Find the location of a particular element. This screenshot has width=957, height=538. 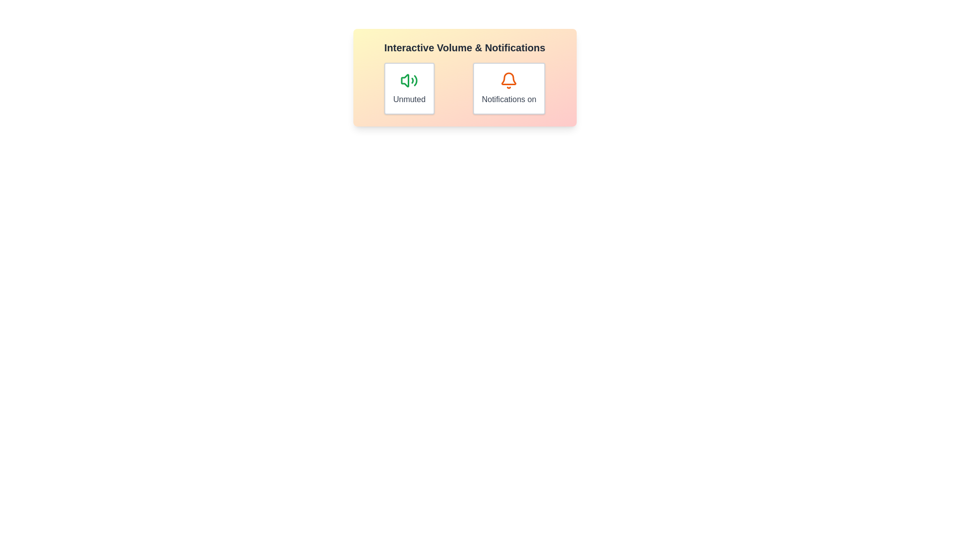

the 'Unmuted' button to toggle the mute status is located at coordinates (409, 88).